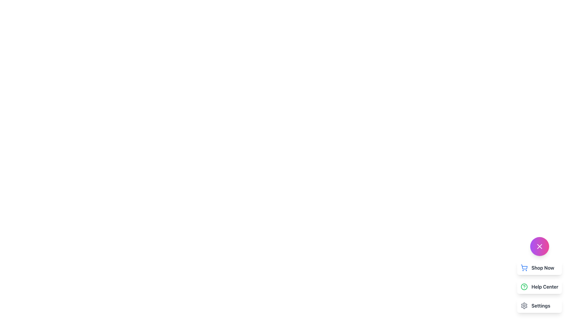 The width and height of the screenshot is (569, 320). Describe the element at coordinates (539, 247) in the screenshot. I see `the small cross or 'X' icon located within the circular pink-purple button in the bottom-right corner of the interface` at that location.